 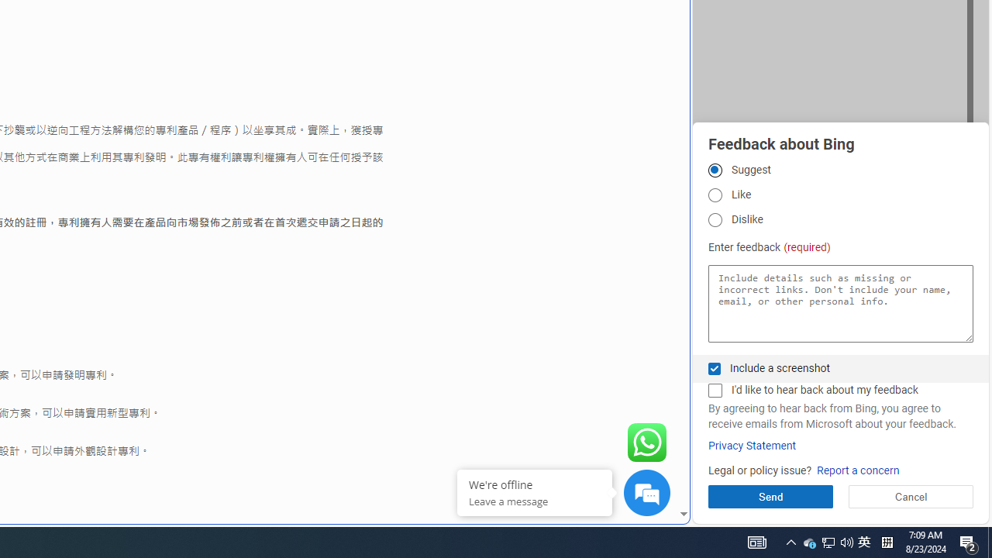 I want to click on 'Include a screenshot', so click(x=714, y=368).